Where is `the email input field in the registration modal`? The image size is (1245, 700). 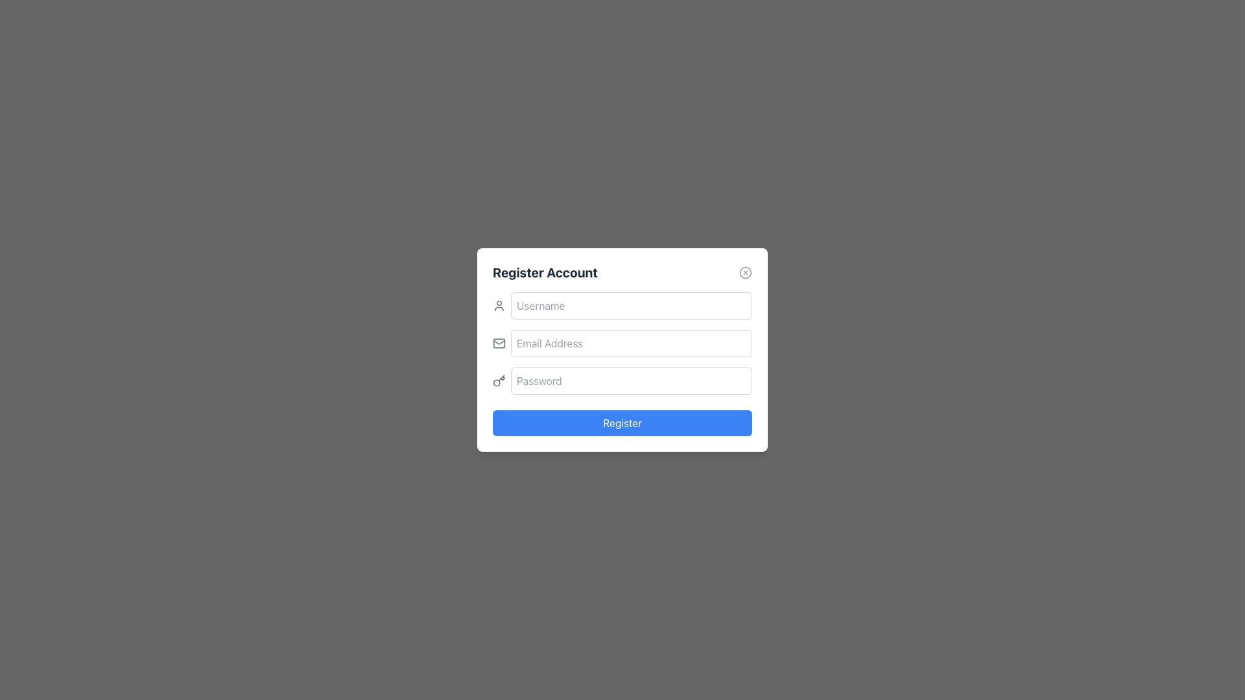 the email input field in the registration modal is located at coordinates (622, 350).